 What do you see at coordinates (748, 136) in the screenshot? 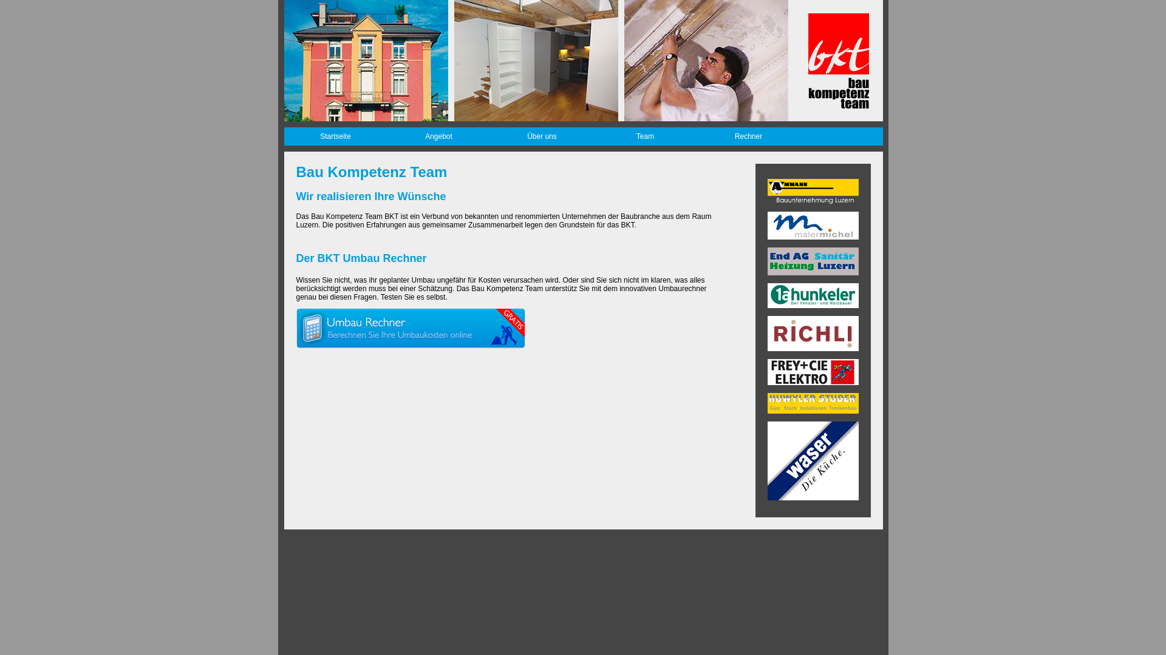
I see `'Rechner'` at bounding box center [748, 136].